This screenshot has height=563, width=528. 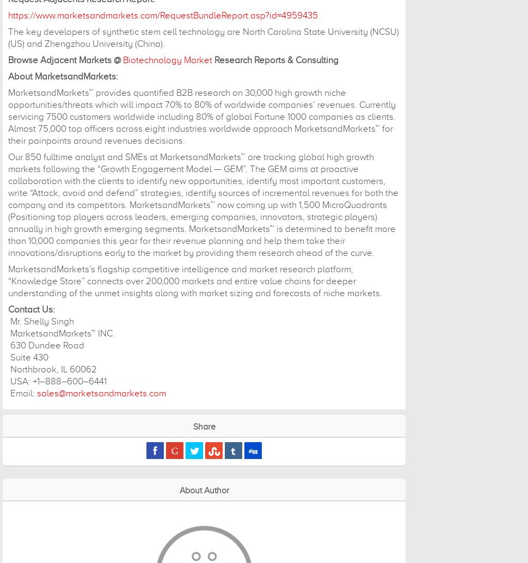 What do you see at coordinates (8, 345) in the screenshot?
I see `'630 Dundee Road'` at bounding box center [8, 345].